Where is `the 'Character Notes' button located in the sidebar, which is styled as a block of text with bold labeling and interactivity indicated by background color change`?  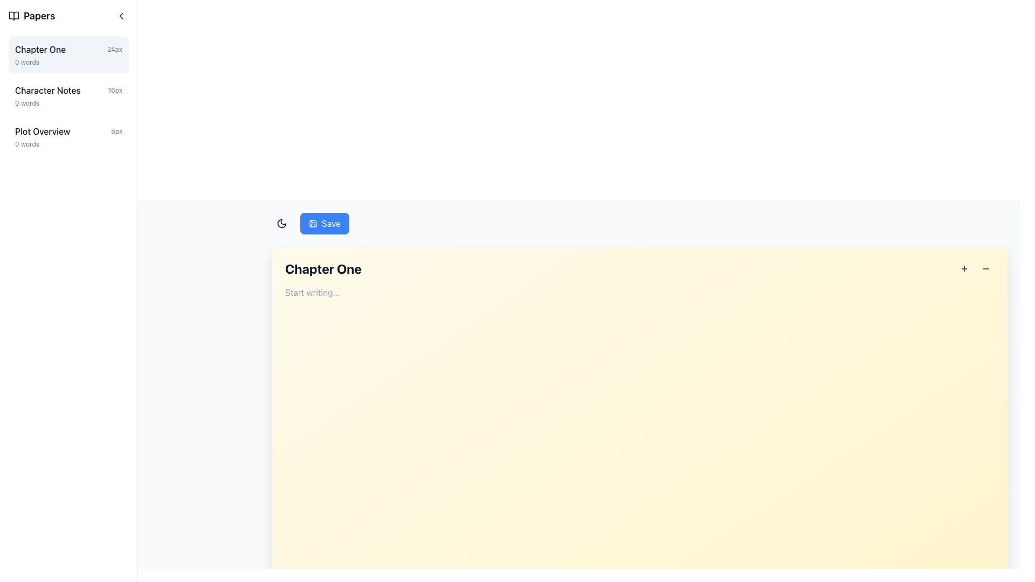 the 'Character Notes' button located in the sidebar, which is styled as a block of text with bold labeling and interactivity indicated by background color change is located at coordinates (68, 95).